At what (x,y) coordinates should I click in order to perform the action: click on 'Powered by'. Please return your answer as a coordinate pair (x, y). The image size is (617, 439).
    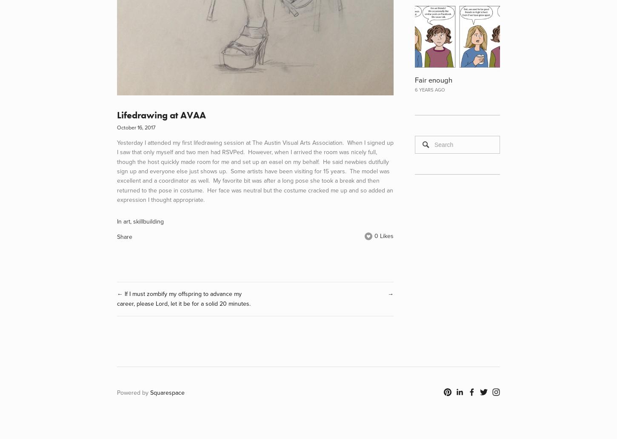
    Looking at the image, I should click on (134, 393).